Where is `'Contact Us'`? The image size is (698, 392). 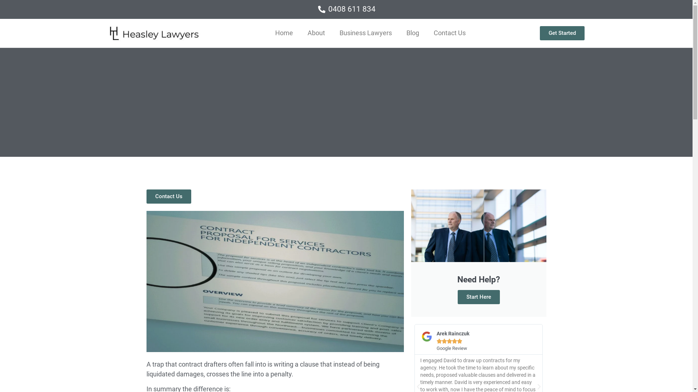 'Contact Us' is located at coordinates (146, 196).